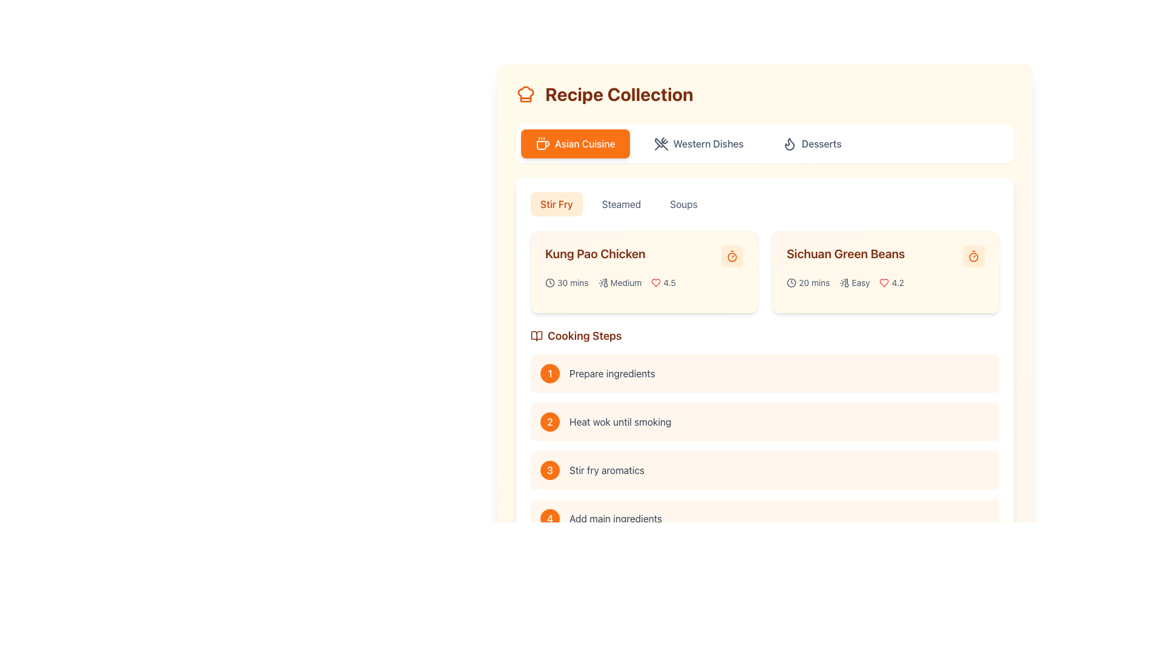  What do you see at coordinates (574, 143) in the screenshot?
I see `the 'Asian Cuisine' category selector button located at the top-left corner of the interface beneath the title 'Recipe Collection'` at bounding box center [574, 143].